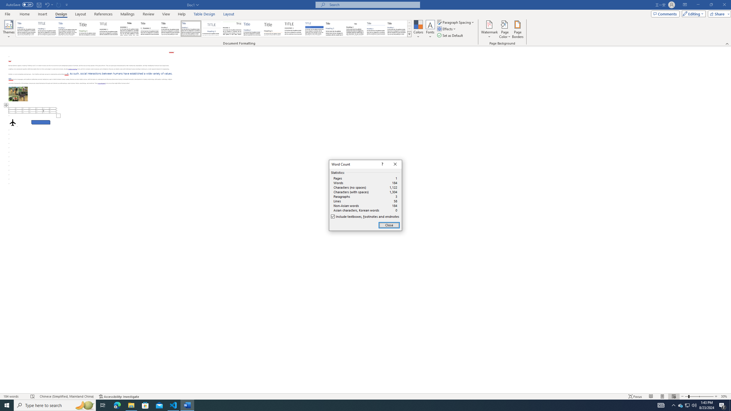 Image resolution: width=731 pixels, height=411 pixels. Describe the element at coordinates (382, 164) in the screenshot. I see `'Context help'` at that location.